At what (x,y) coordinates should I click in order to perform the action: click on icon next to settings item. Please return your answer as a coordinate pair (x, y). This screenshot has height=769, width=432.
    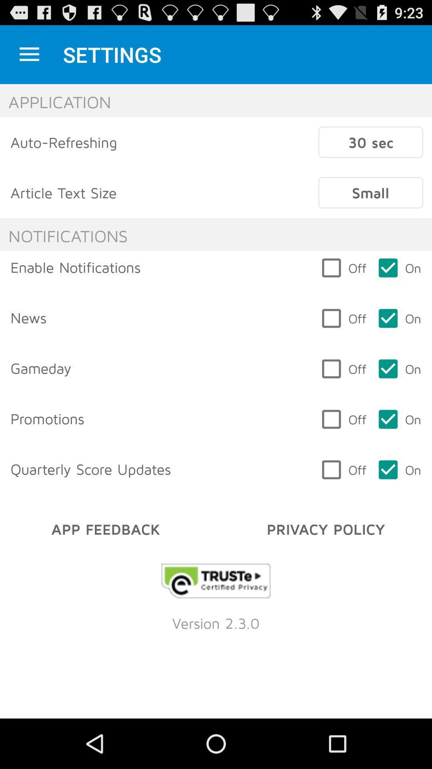
    Looking at the image, I should click on (29, 54).